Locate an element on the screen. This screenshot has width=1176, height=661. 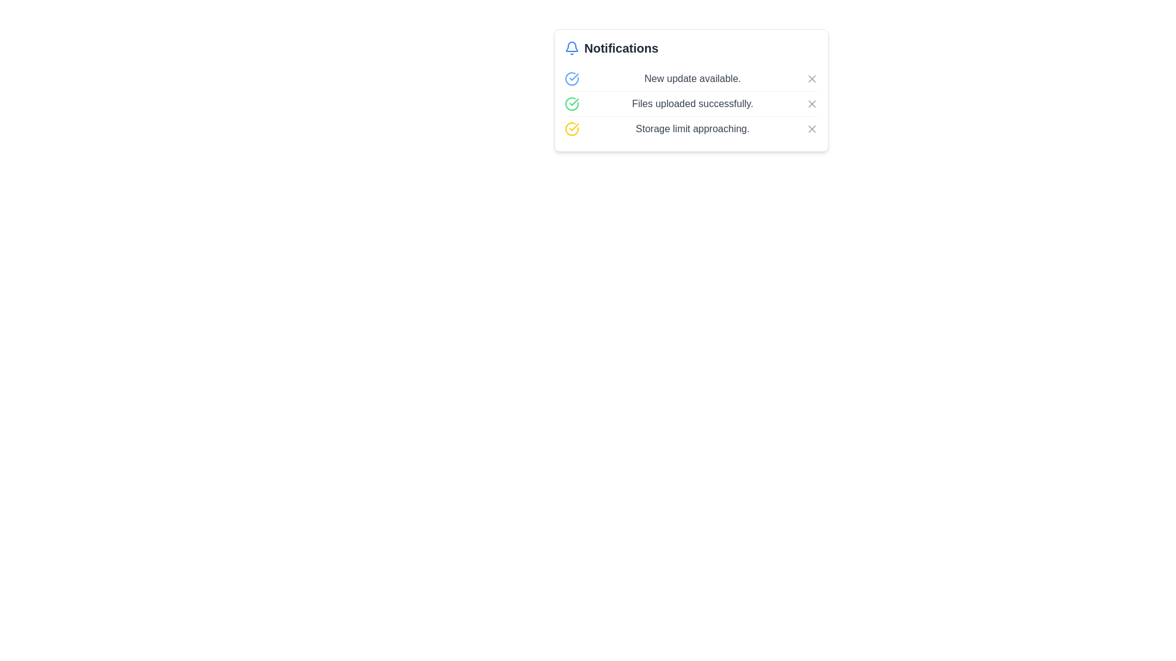
the success status icon located to the left of the notification text 'New update available.' in the top notification entry of the notification list is located at coordinates (571, 78).